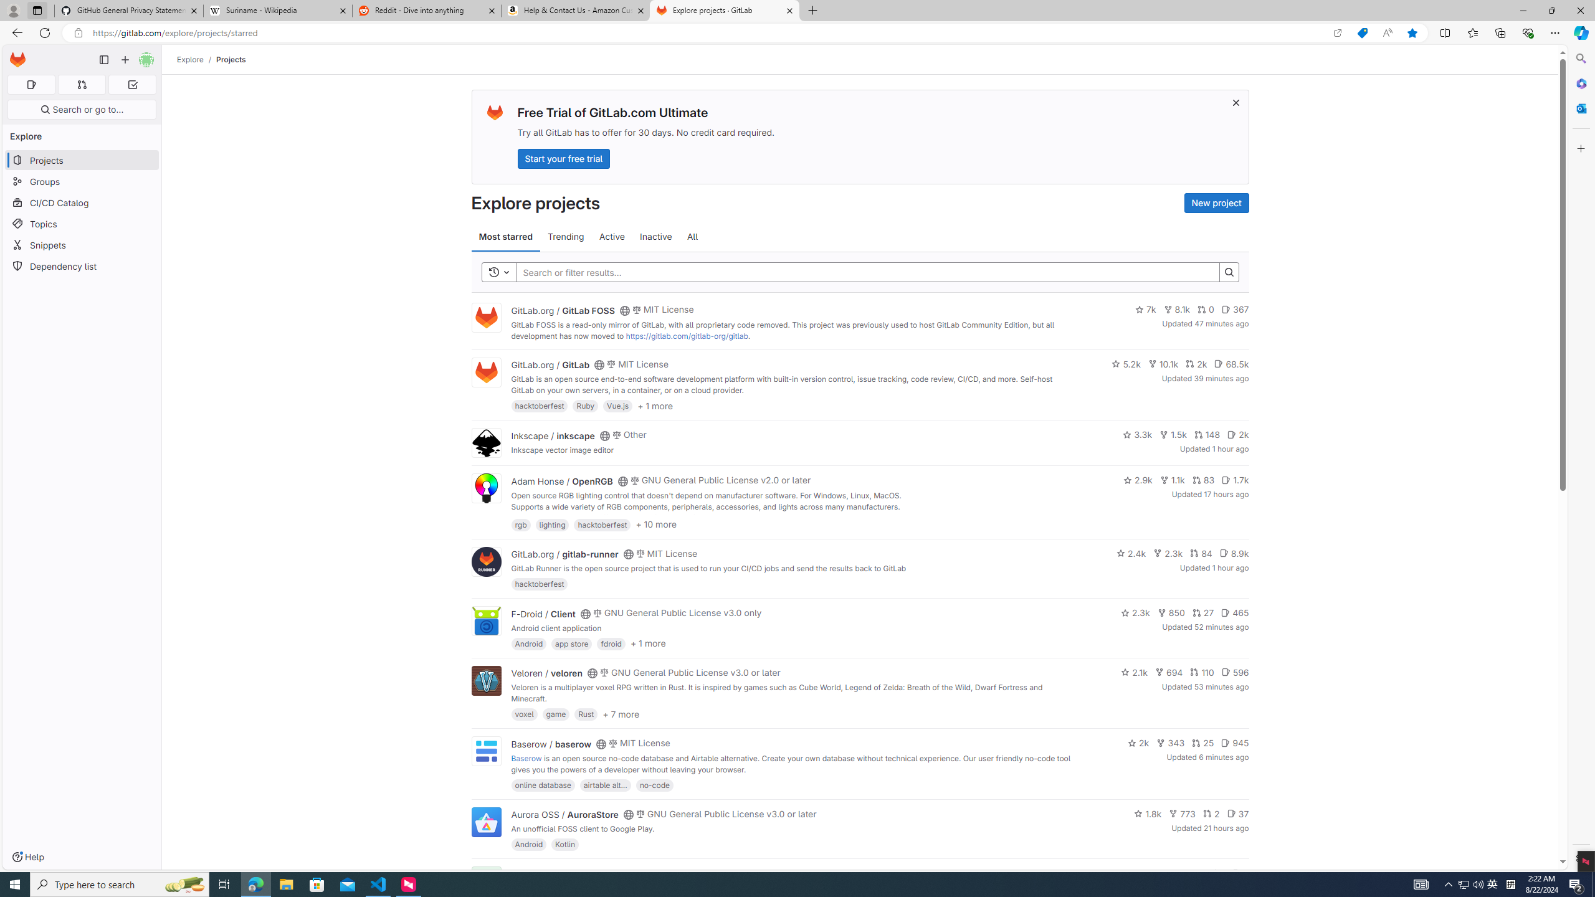 This screenshot has height=897, width=1595. Describe the element at coordinates (1138, 480) in the screenshot. I see `'2.9k'` at that location.